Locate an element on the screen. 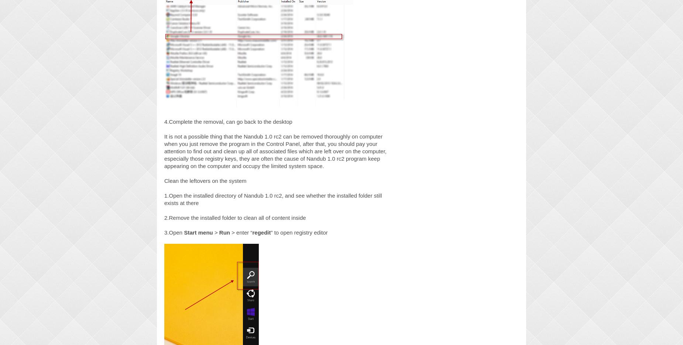 The width and height of the screenshot is (683, 345). 'It is not a possible thing that the Nandub 1.0 rc2 can be removed thoroughly on computer when you just remove the program in the
					 Control Panel, after that, you should pay your attention to find out and clean up all of associated files which are 
					 left over on the computer, especially those registry keys, they are often the cause of Nandub 1.0 rc2 program keep appearing on the computer and occupy the limited system space.' is located at coordinates (275, 150).